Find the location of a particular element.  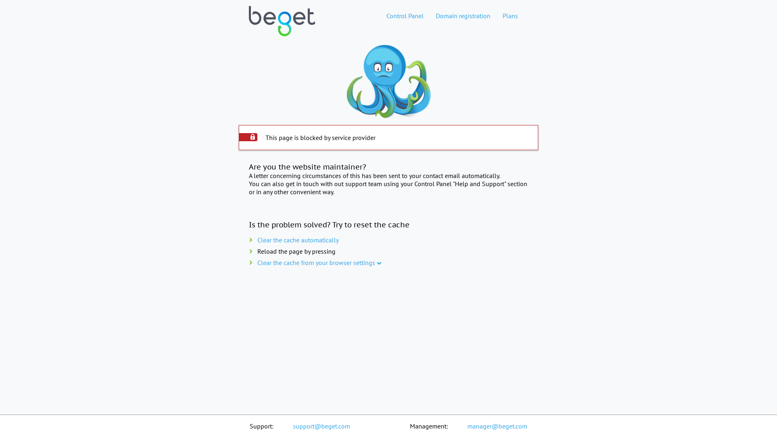

'Plans' is located at coordinates (496, 15).